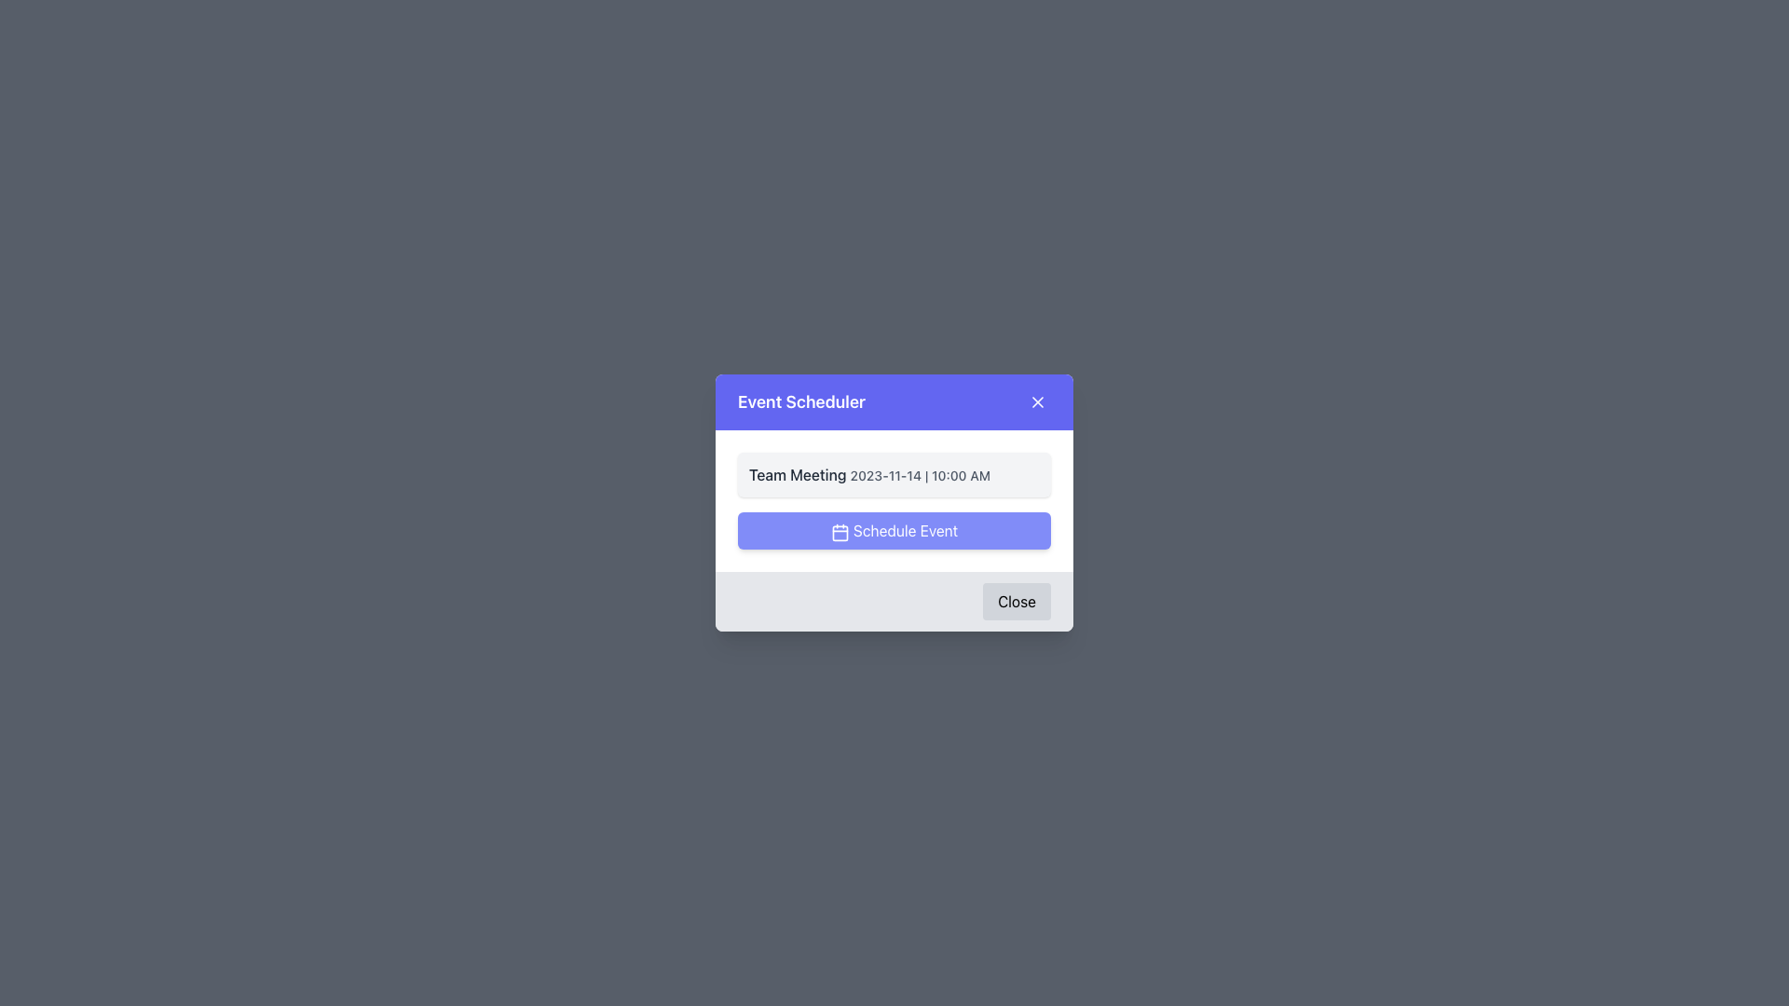  What do you see at coordinates (894, 473) in the screenshot?
I see `the text element displaying event details, which is located below the 'Event Scheduler' header and above the 'Schedule Event' button in the modal dialog` at bounding box center [894, 473].